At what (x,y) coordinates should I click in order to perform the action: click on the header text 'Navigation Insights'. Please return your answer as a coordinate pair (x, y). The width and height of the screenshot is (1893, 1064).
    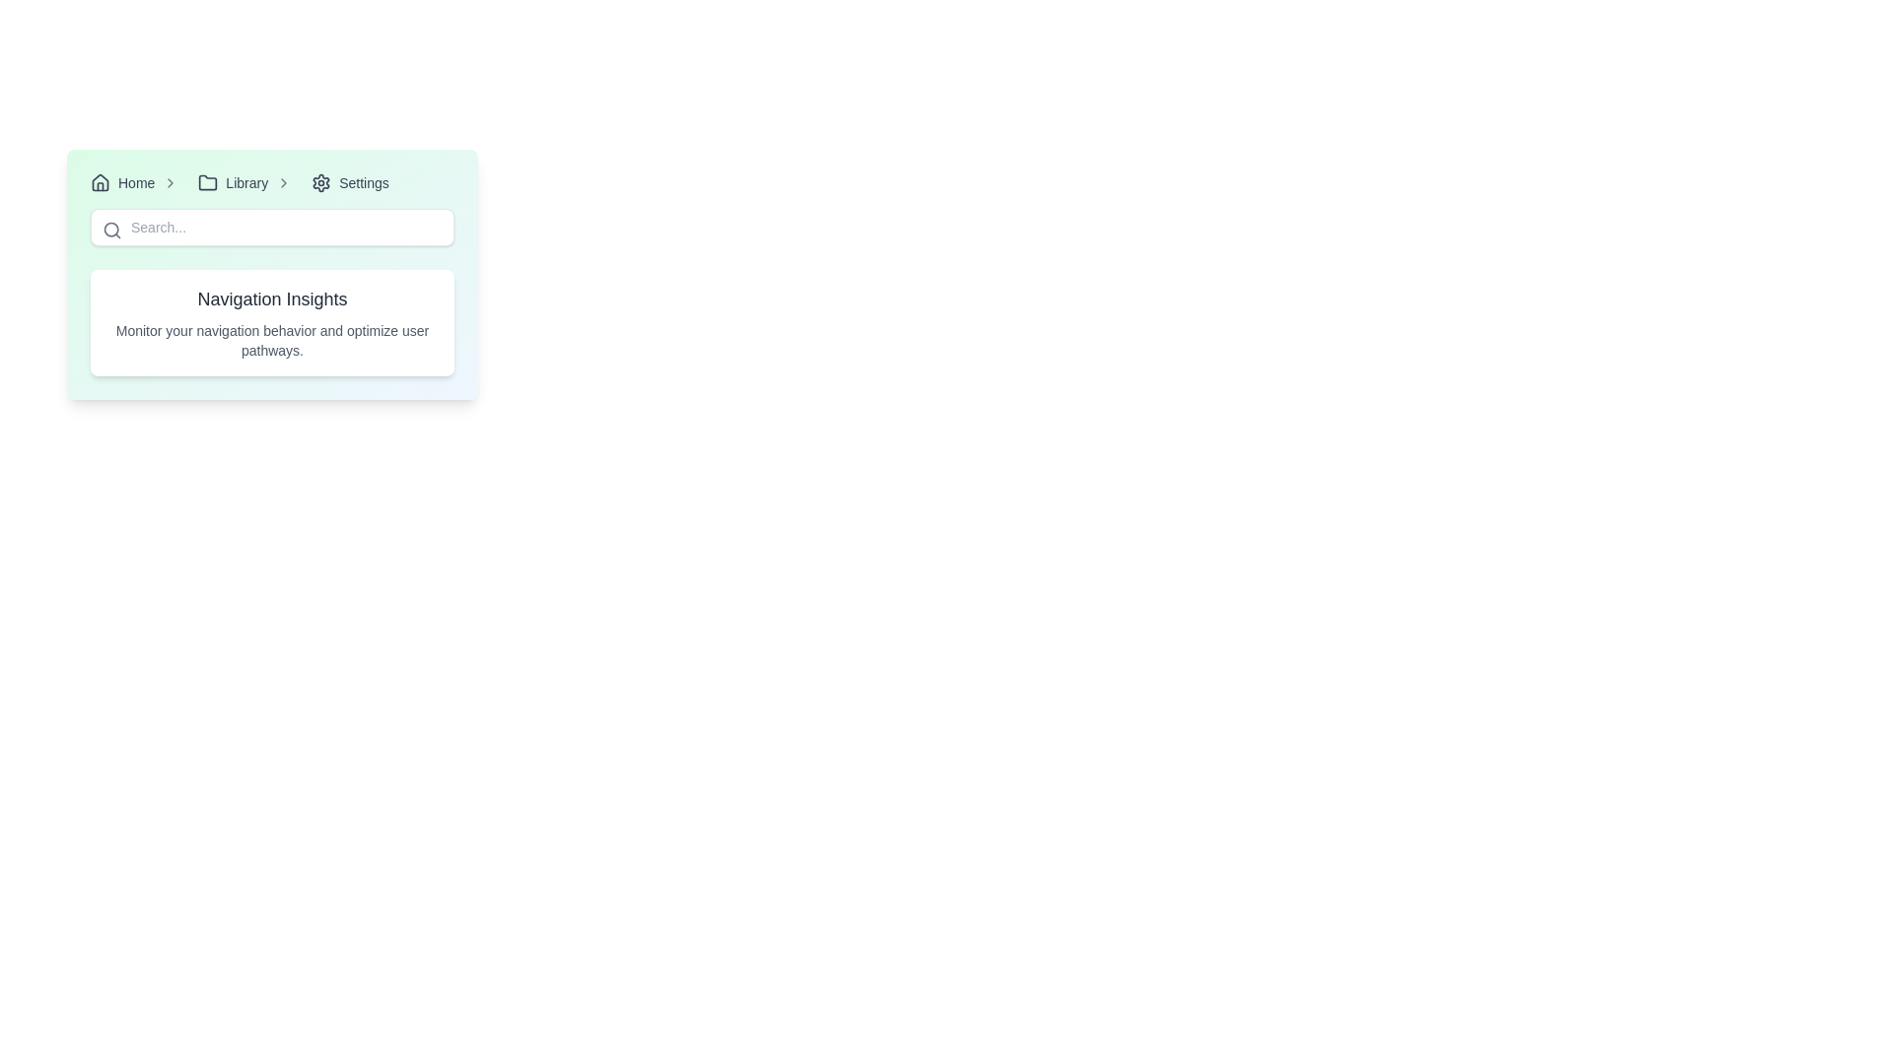
    Looking at the image, I should click on (271, 299).